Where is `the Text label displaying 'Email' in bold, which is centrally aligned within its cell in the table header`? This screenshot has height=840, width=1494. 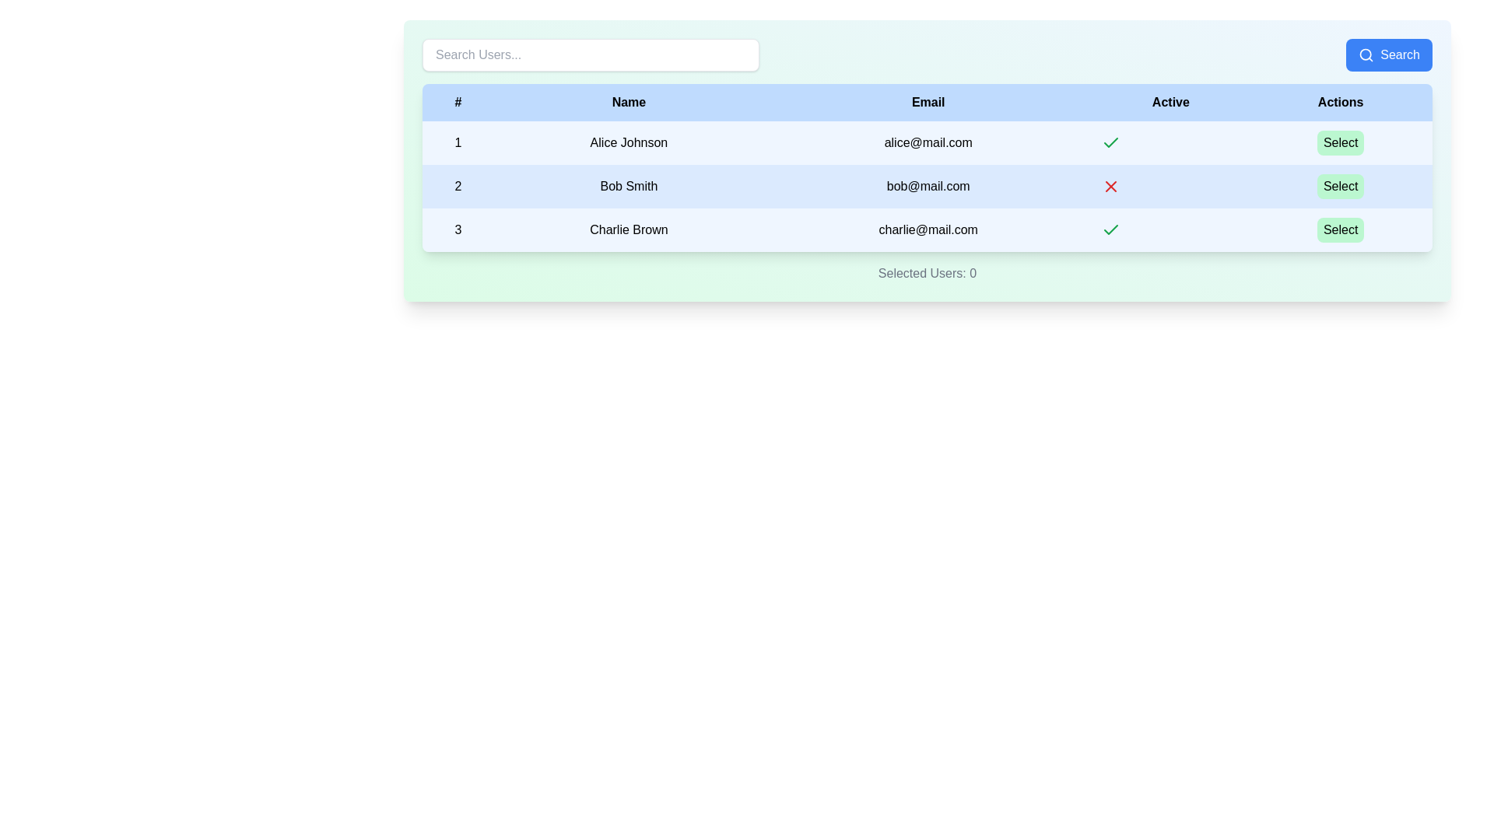 the Text label displaying 'Email' in bold, which is centrally aligned within its cell in the table header is located at coordinates (928, 102).